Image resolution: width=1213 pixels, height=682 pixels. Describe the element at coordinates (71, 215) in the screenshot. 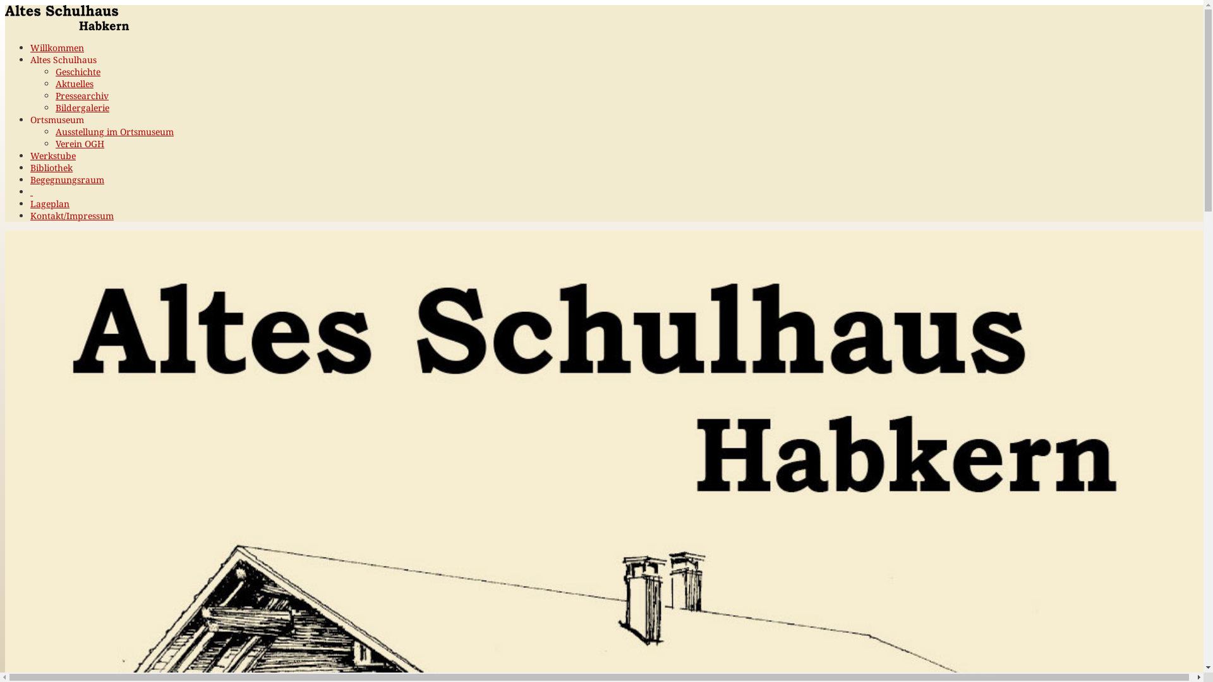

I see `'Kontakt/Impressum'` at that location.